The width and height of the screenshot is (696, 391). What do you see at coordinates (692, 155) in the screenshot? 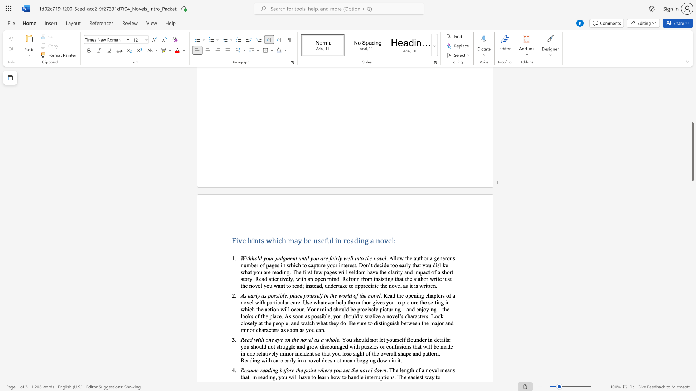
I see `the scrollbar on the right` at bounding box center [692, 155].